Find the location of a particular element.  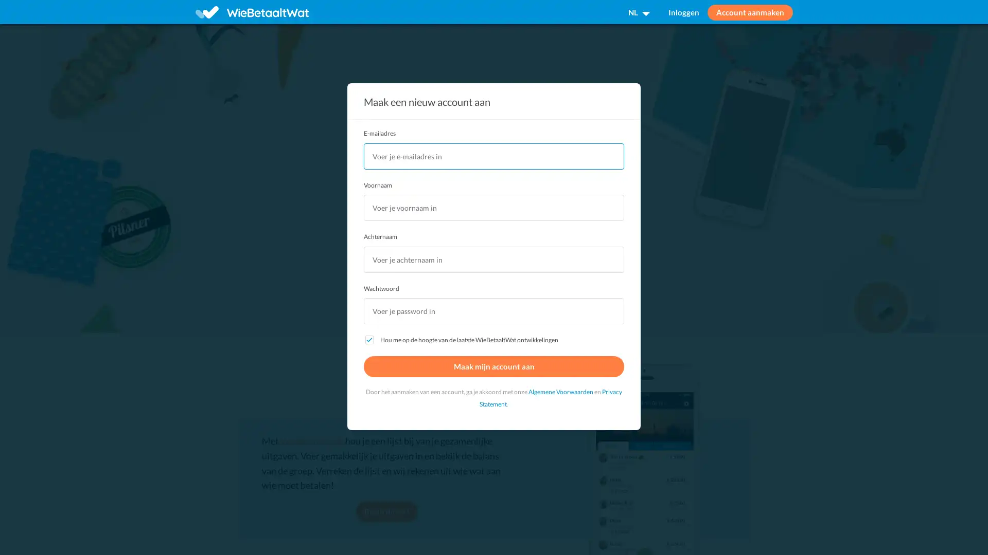

Maak mijn account aan is located at coordinates (494, 365).